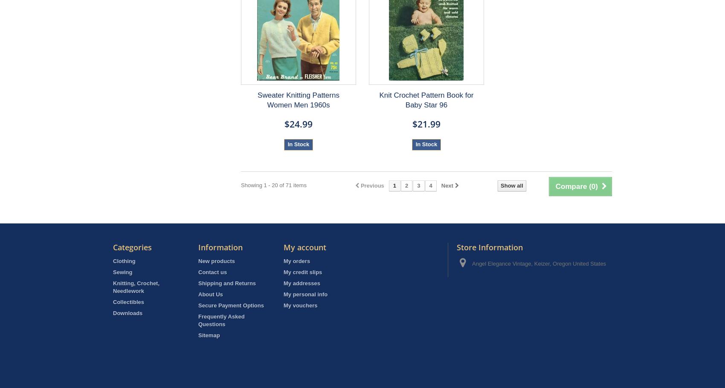 This screenshot has width=725, height=388. What do you see at coordinates (596, 186) in the screenshot?
I see `')'` at bounding box center [596, 186].